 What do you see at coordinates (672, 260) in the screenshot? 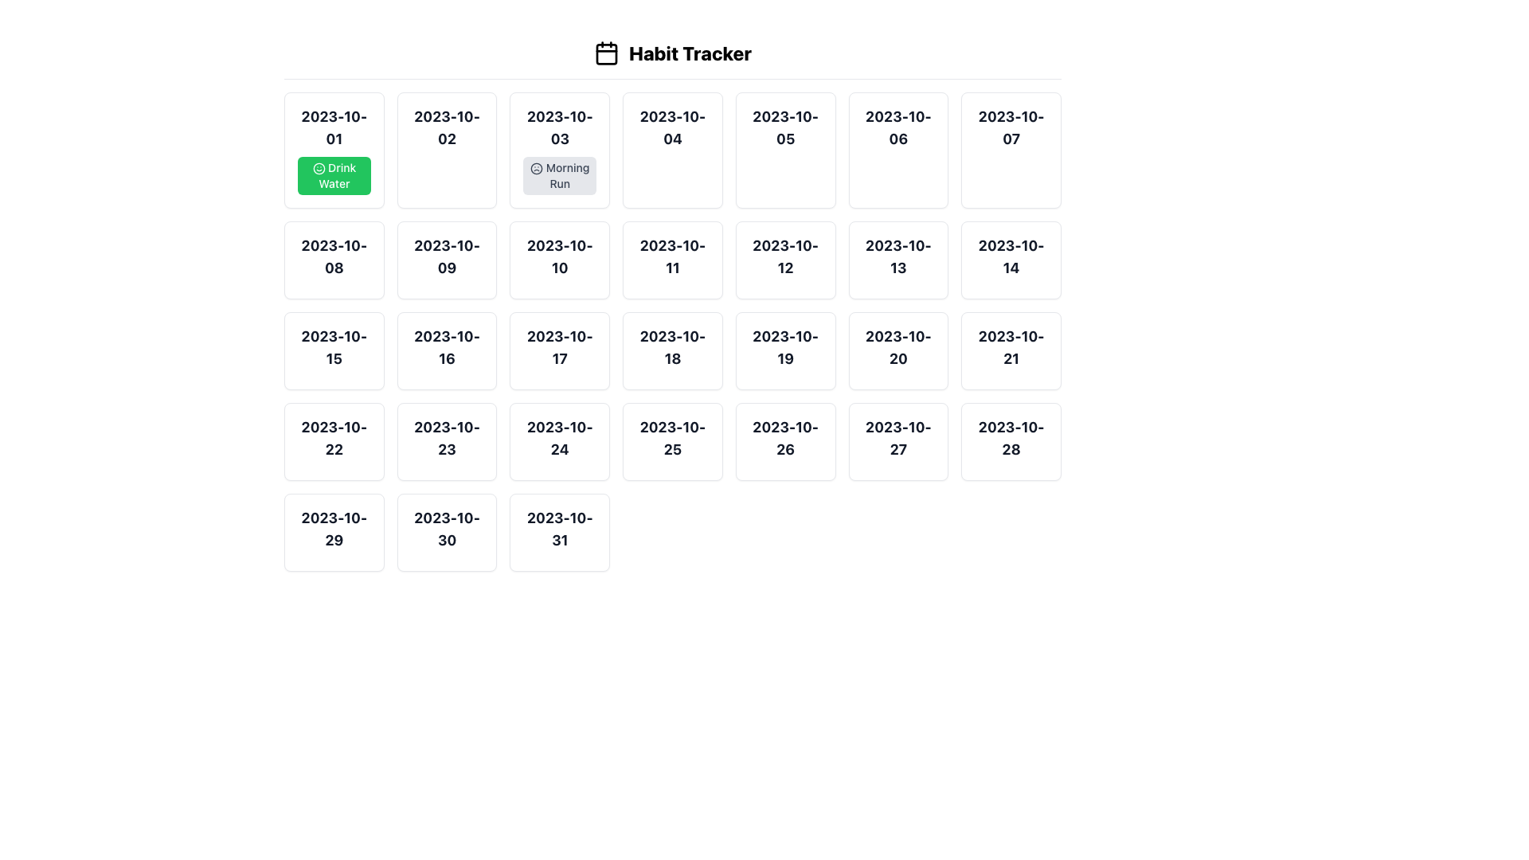
I see `the Clickable date card representing the date 2023-10-11 in the calendar grid of the habit tracking interface` at bounding box center [672, 260].